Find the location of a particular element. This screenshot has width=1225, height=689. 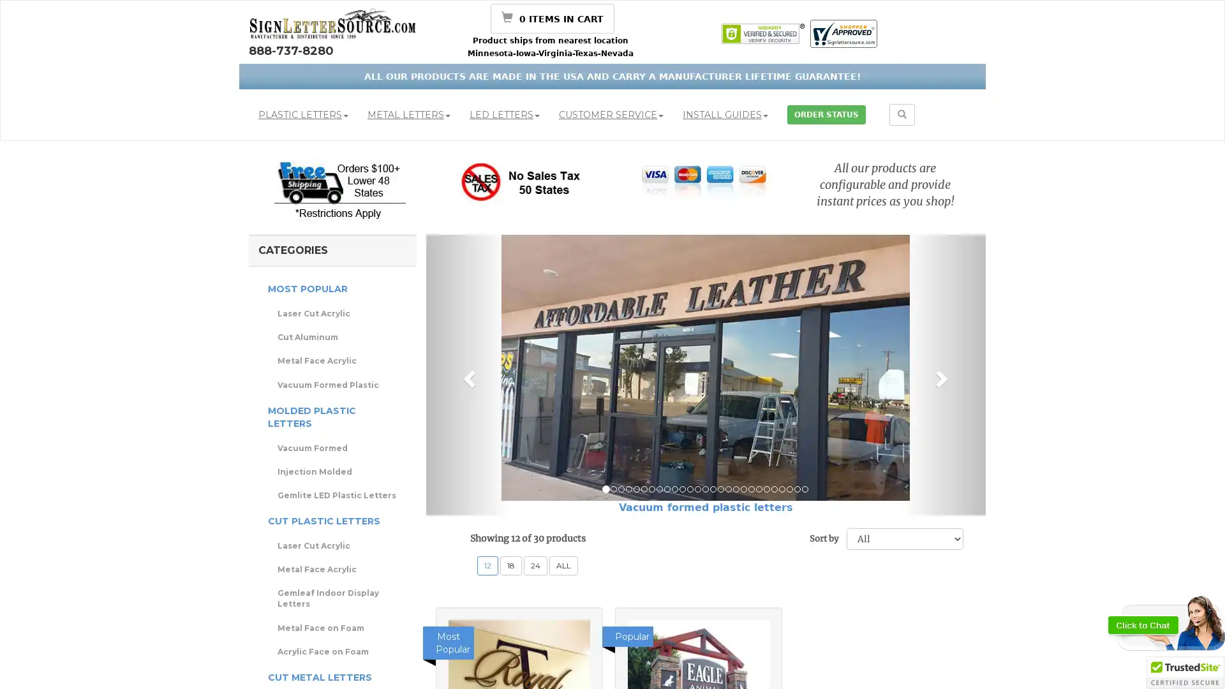

24 is located at coordinates (535, 565).